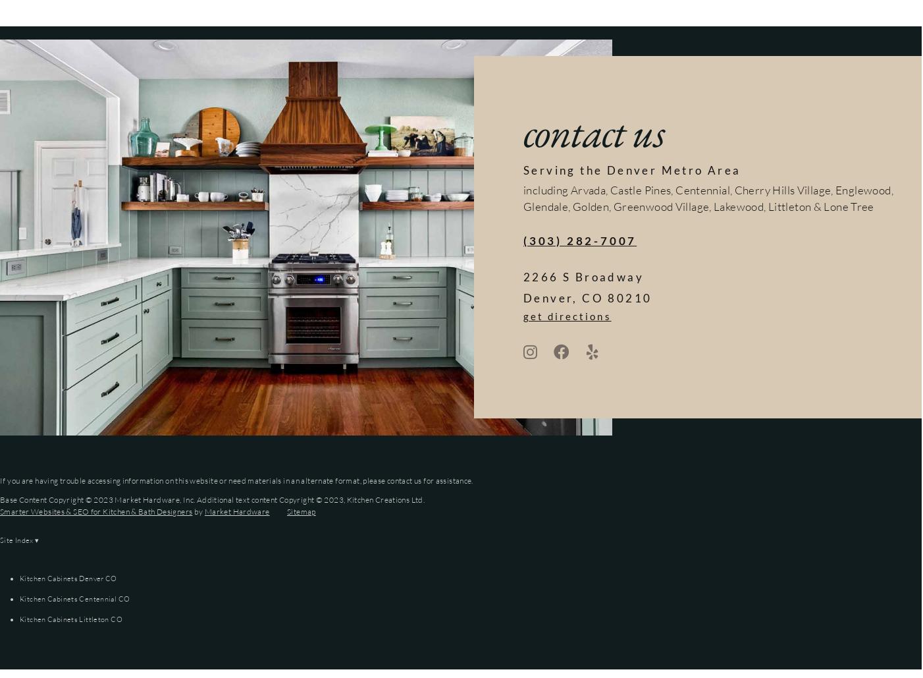  I want to click on 'contact us', so click(522, 131).